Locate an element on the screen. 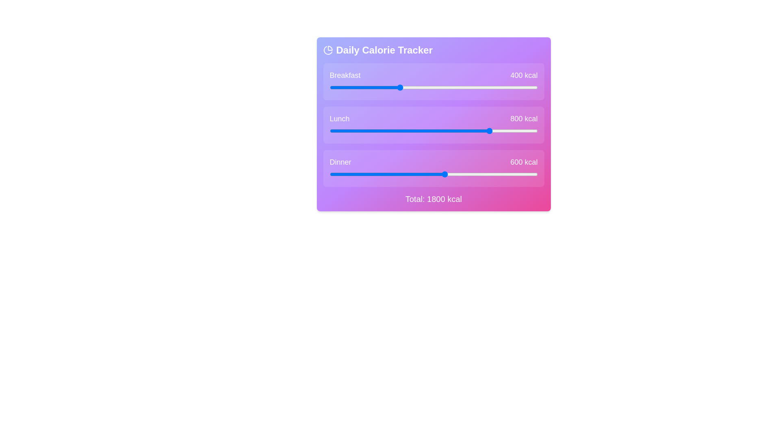  the dinner calorie slider is located at coordinates (461, 174).